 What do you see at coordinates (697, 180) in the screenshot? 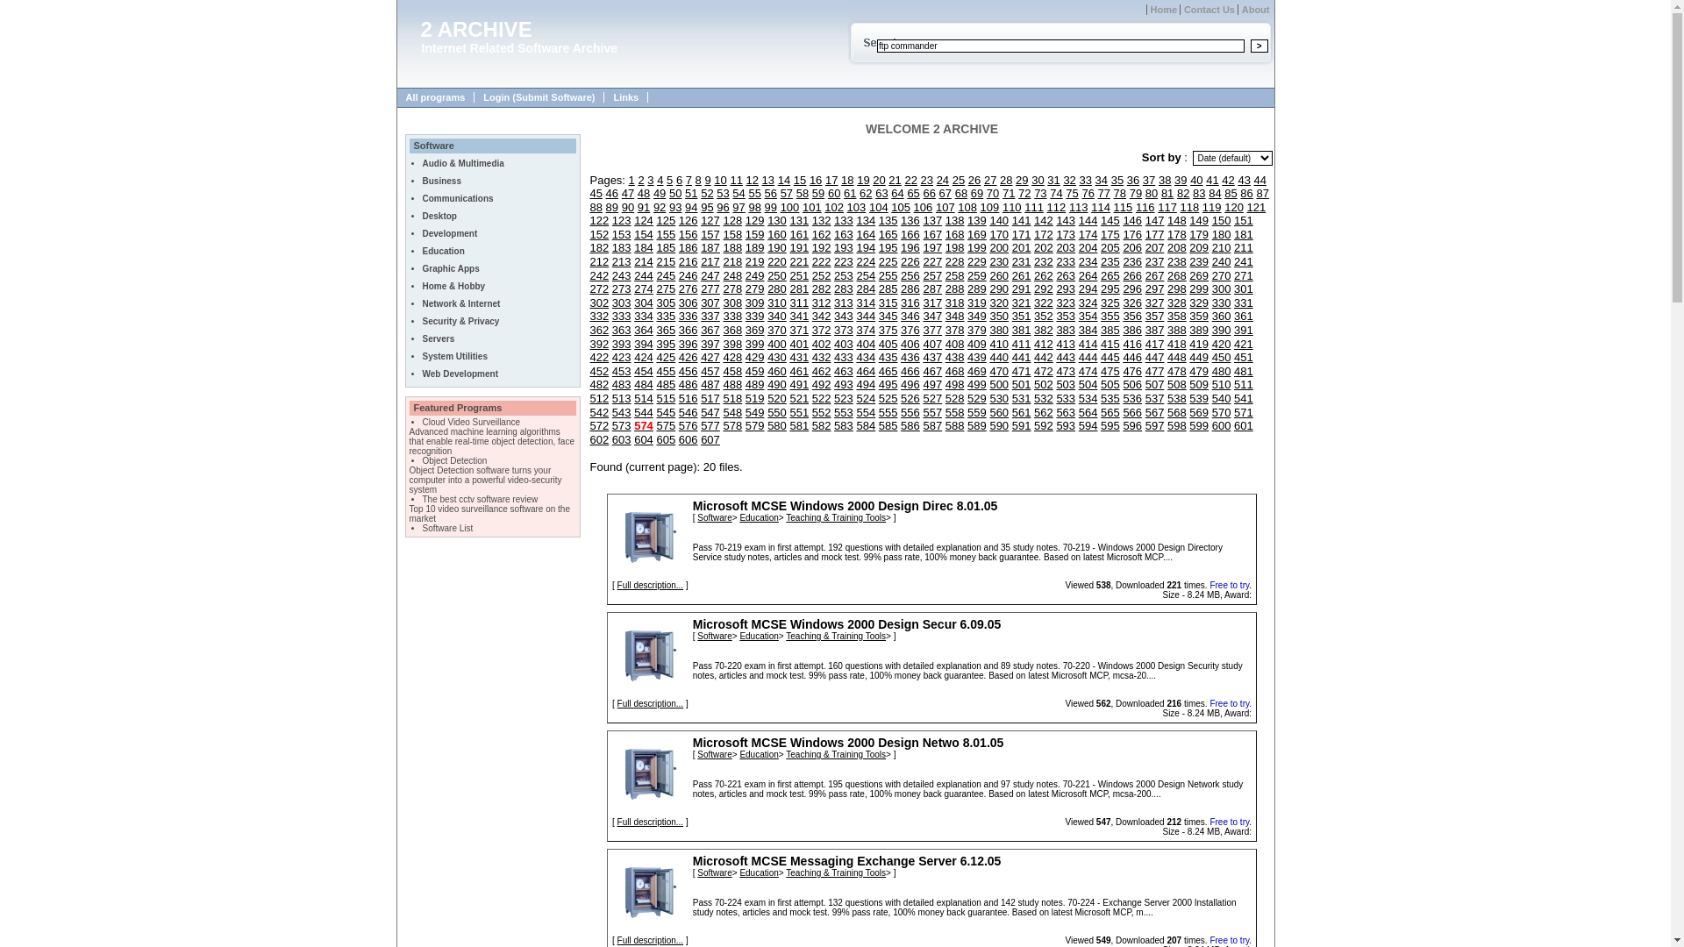
I see `'8'` at bounding box center [697, 180].